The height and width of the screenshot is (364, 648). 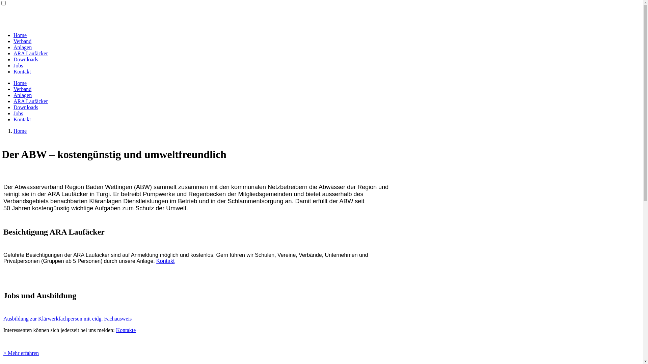 I want to click on 'Home', so click(x=20, y=35).